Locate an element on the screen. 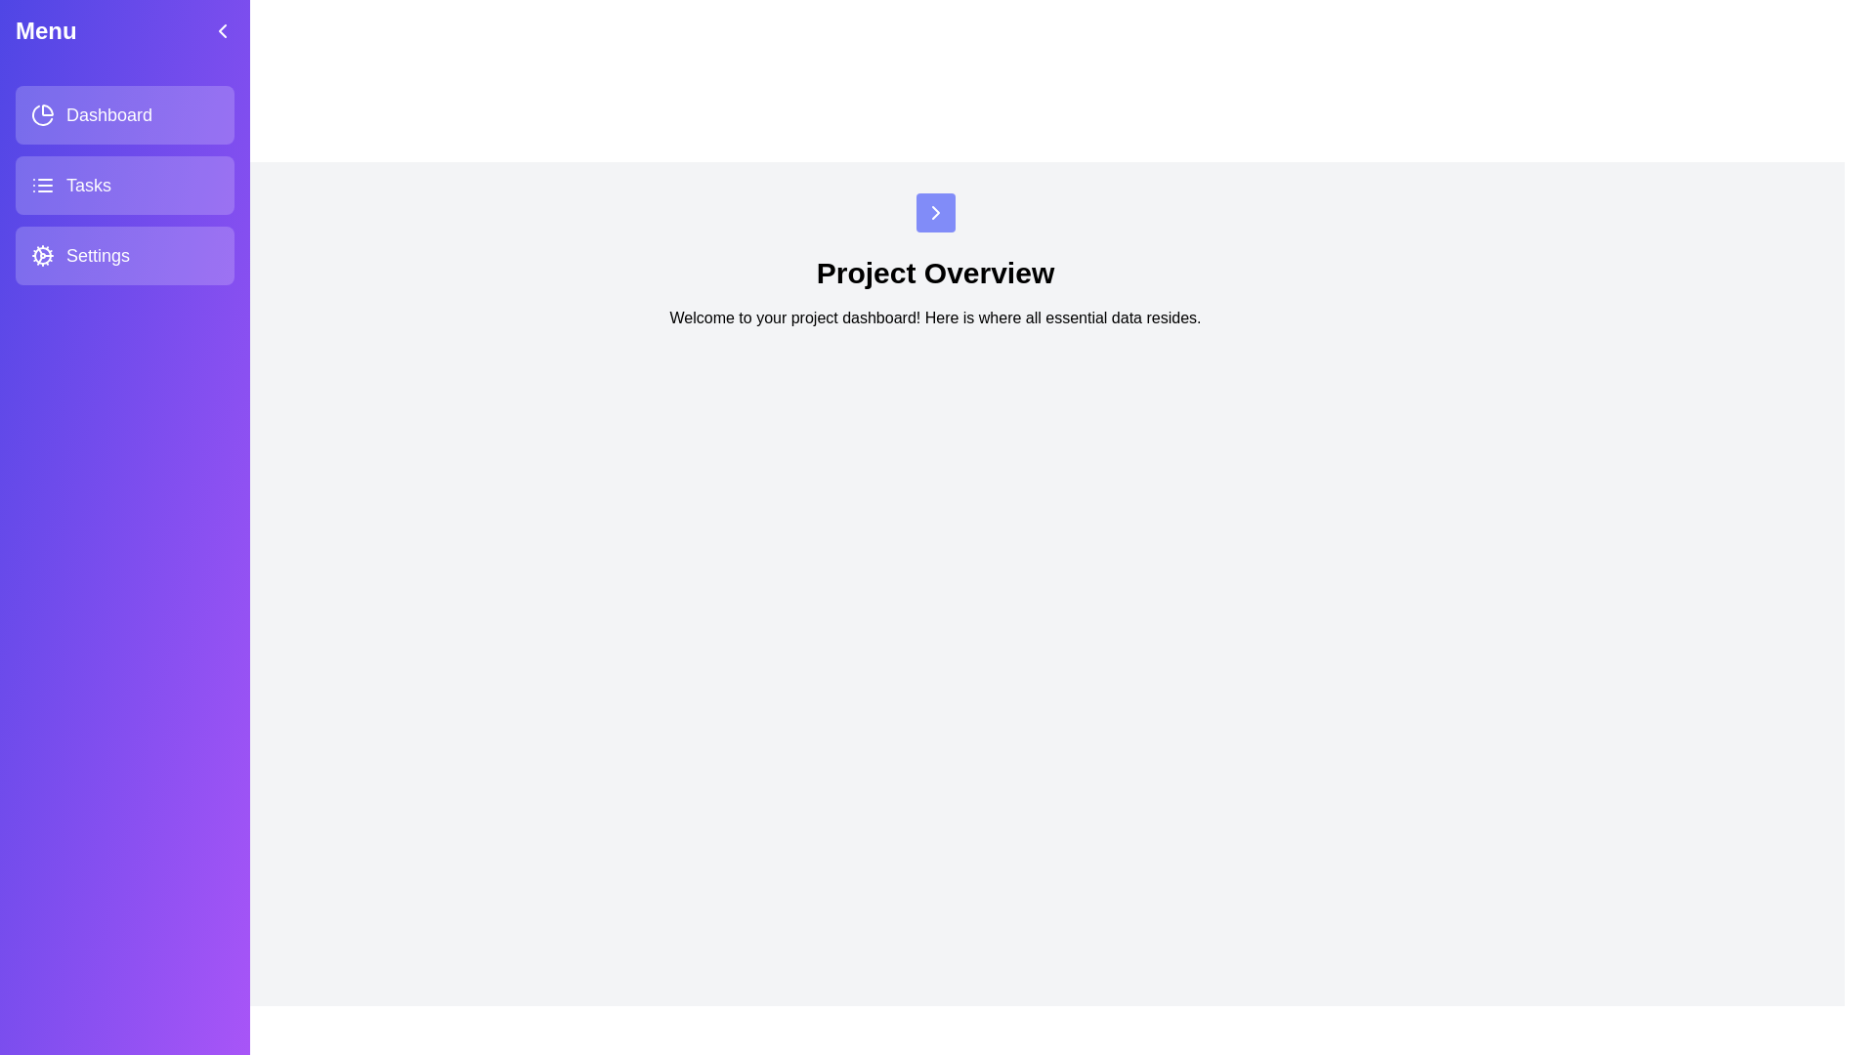  the navigation menu item corresponding to Tasks is located at coordinates (124, 185).